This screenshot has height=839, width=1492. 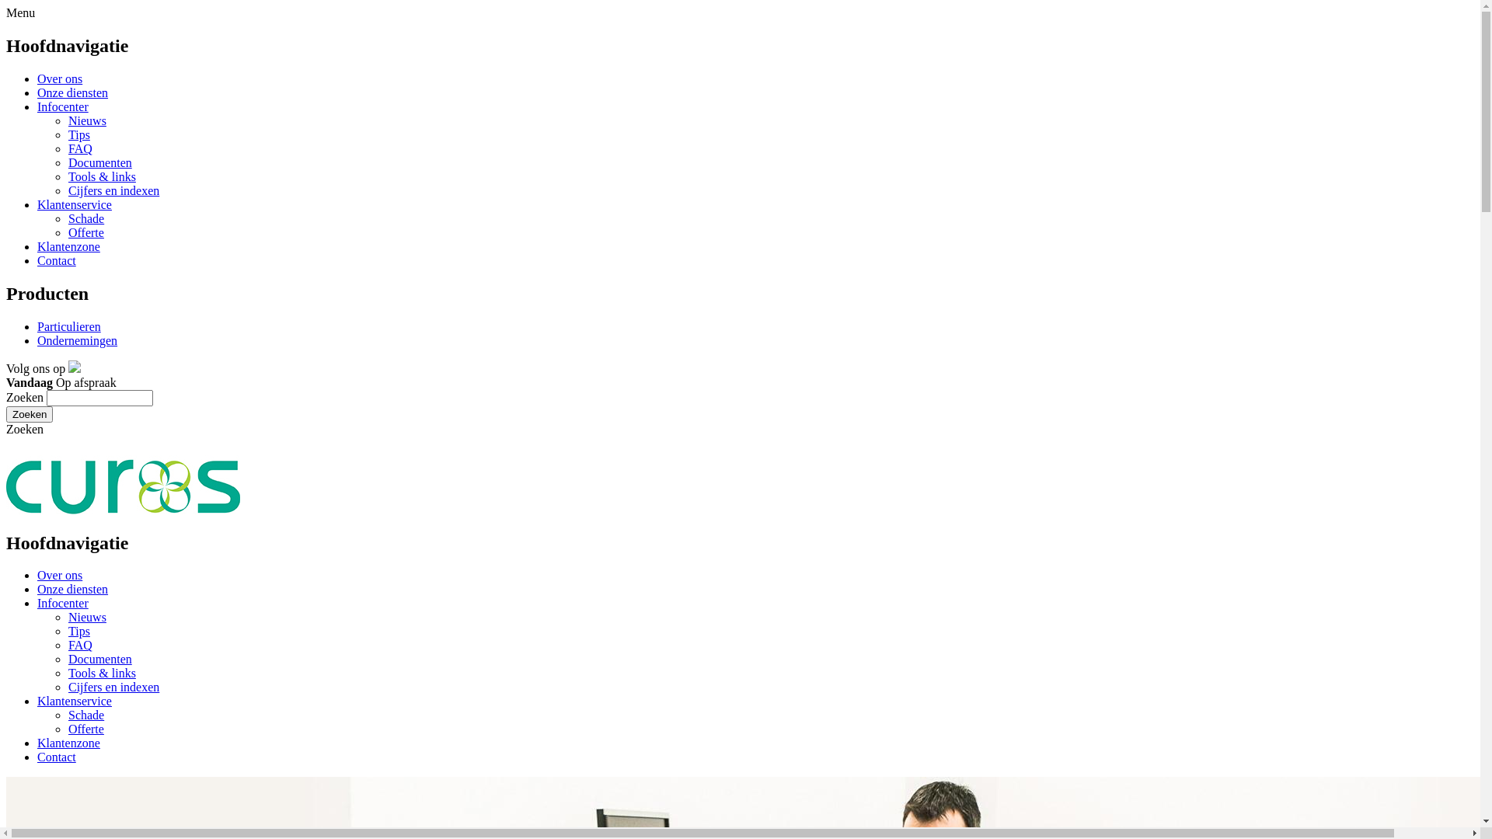 I want to click on 'Contact', so click(x=56, y=259).